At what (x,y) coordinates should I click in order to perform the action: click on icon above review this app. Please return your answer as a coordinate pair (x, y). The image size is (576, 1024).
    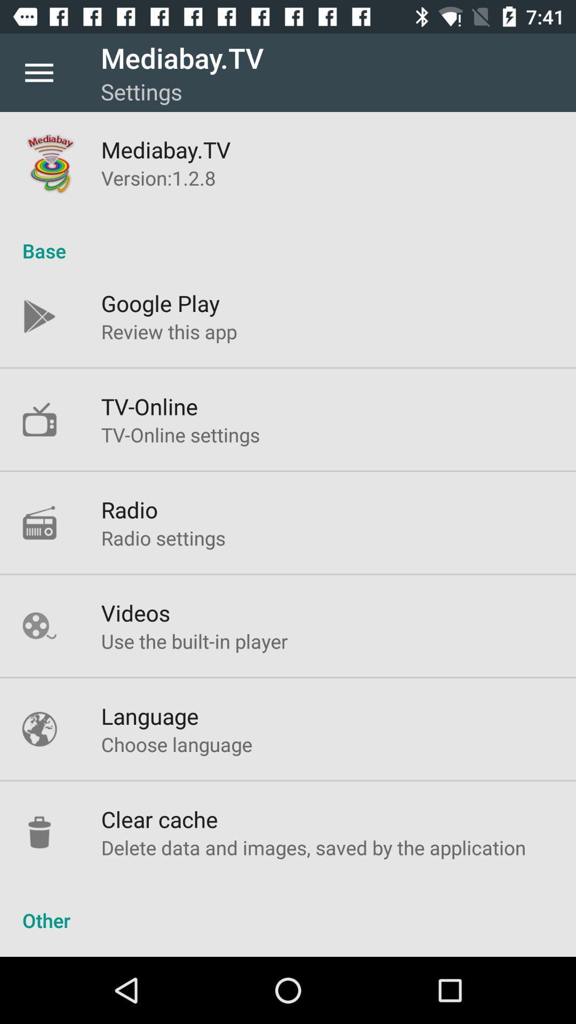
    Looking at the image, I should click on (161, 302).